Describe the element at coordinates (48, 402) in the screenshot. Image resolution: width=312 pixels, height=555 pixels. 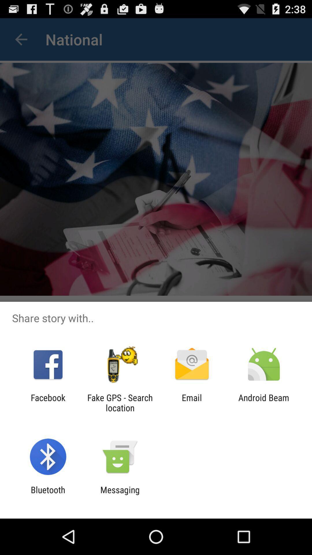
I see `facebook item` at that location.